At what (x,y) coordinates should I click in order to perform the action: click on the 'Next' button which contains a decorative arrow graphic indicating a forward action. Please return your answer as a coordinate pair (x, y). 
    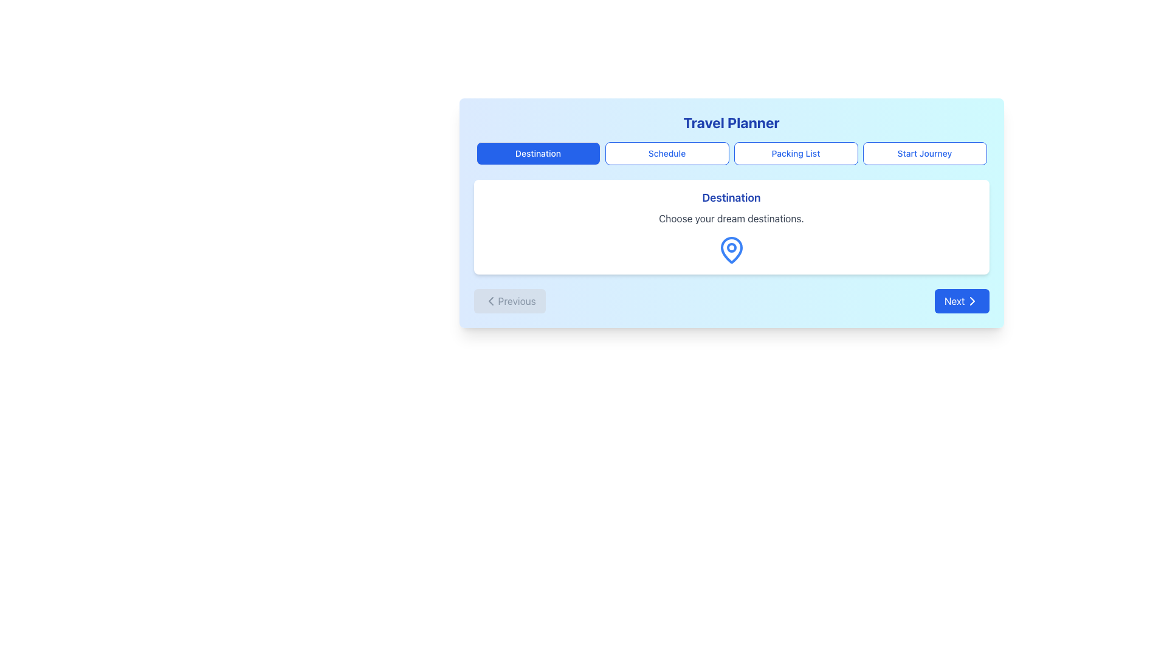
    Looking at the image, I should click on (971, 301).